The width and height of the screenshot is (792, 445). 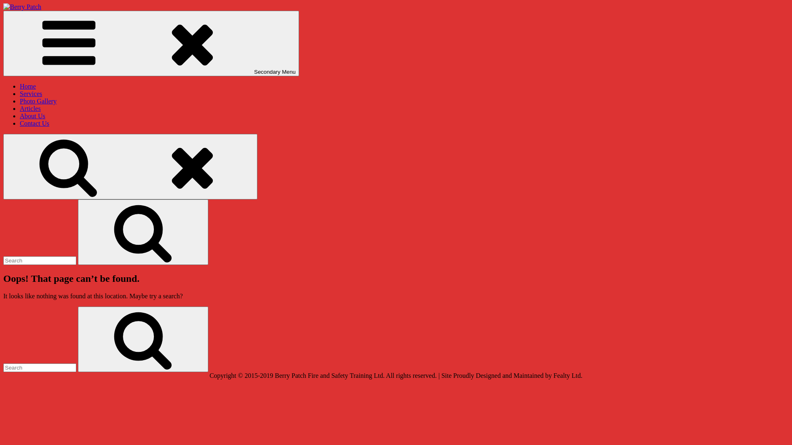 I want to click on 'Search', so click(x=130, y=166).